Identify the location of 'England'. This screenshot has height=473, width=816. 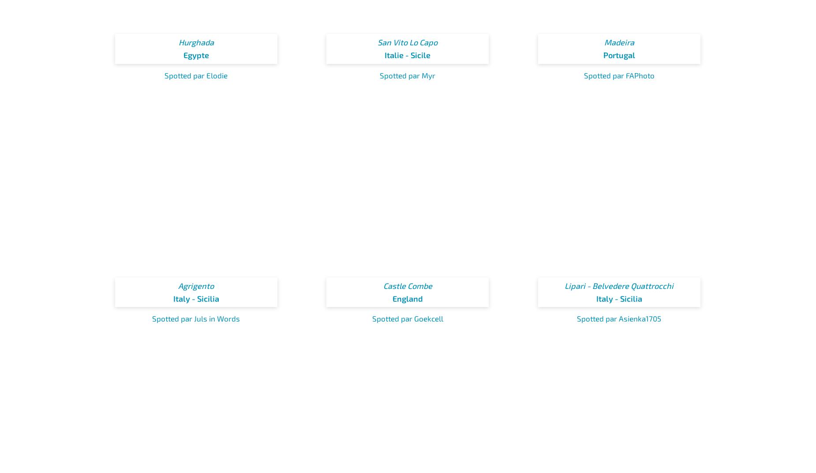
(407, 298).